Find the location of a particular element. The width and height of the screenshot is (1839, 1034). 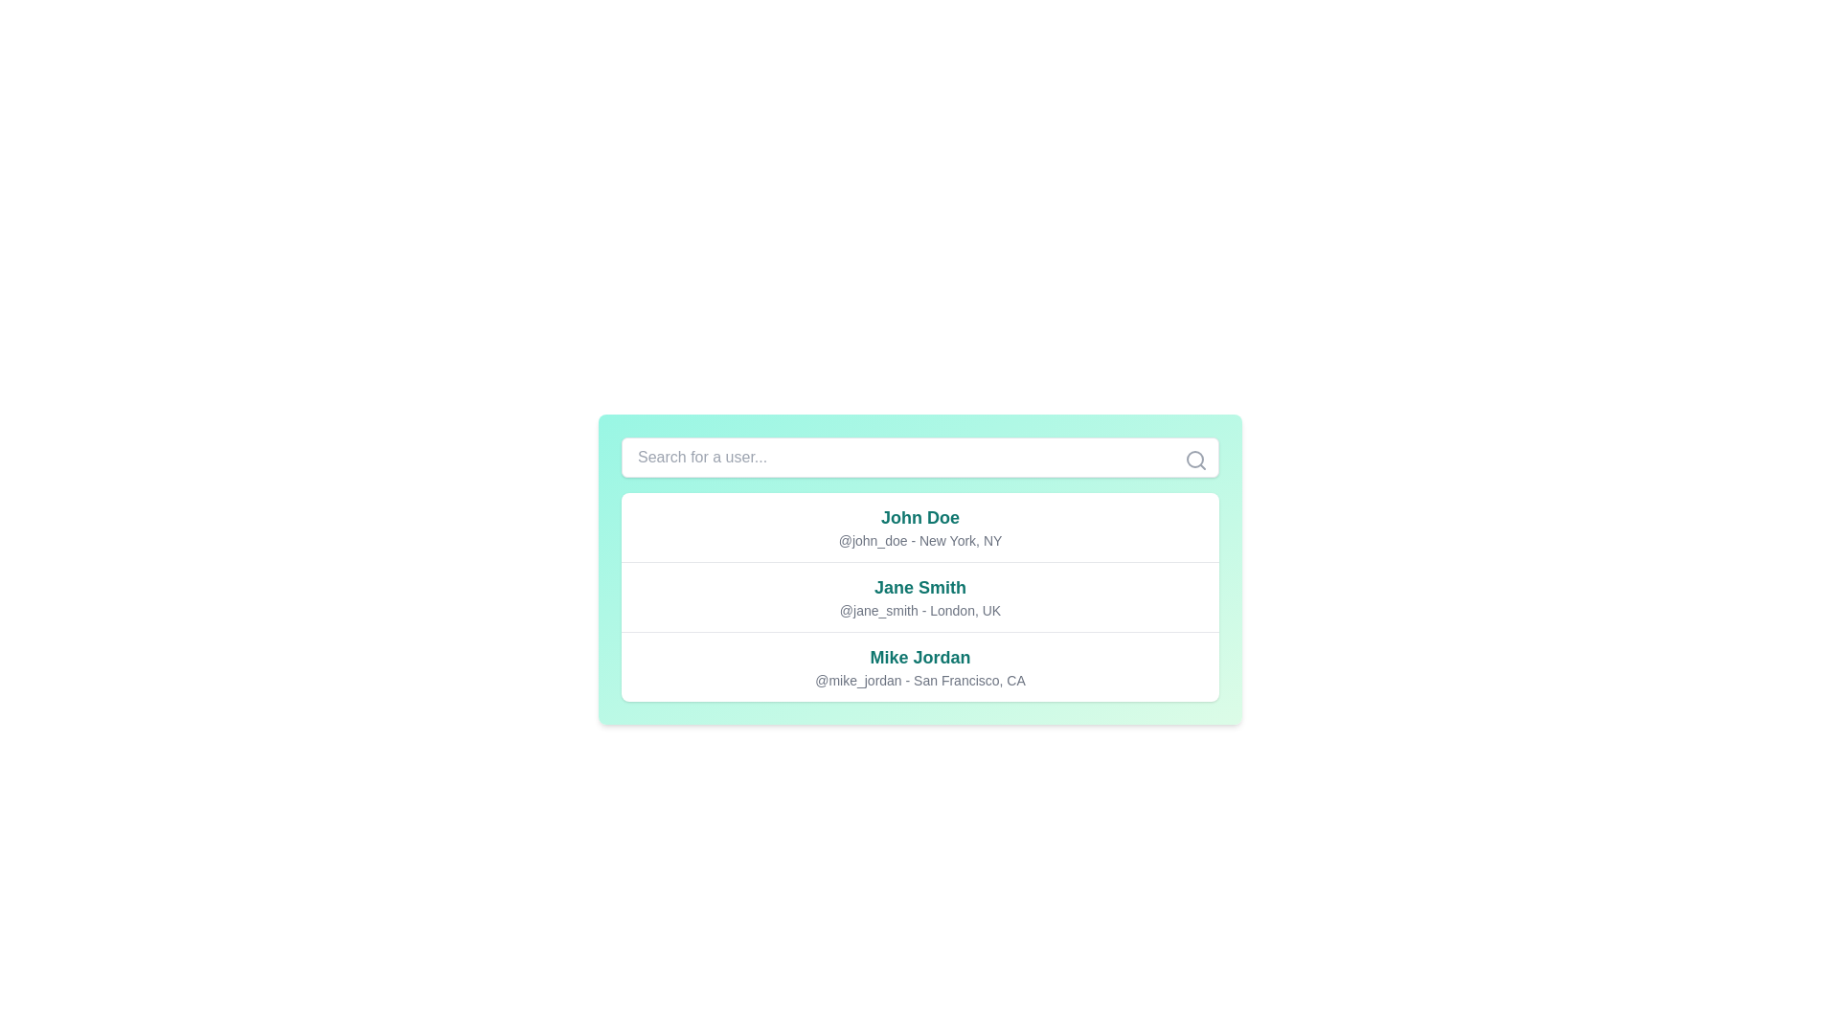

the second List item displaying user information, which is a rectangular white card with rounded corners containing a name in bold teal text and additional details in smaller gray text is located at coordinates (919, 596).